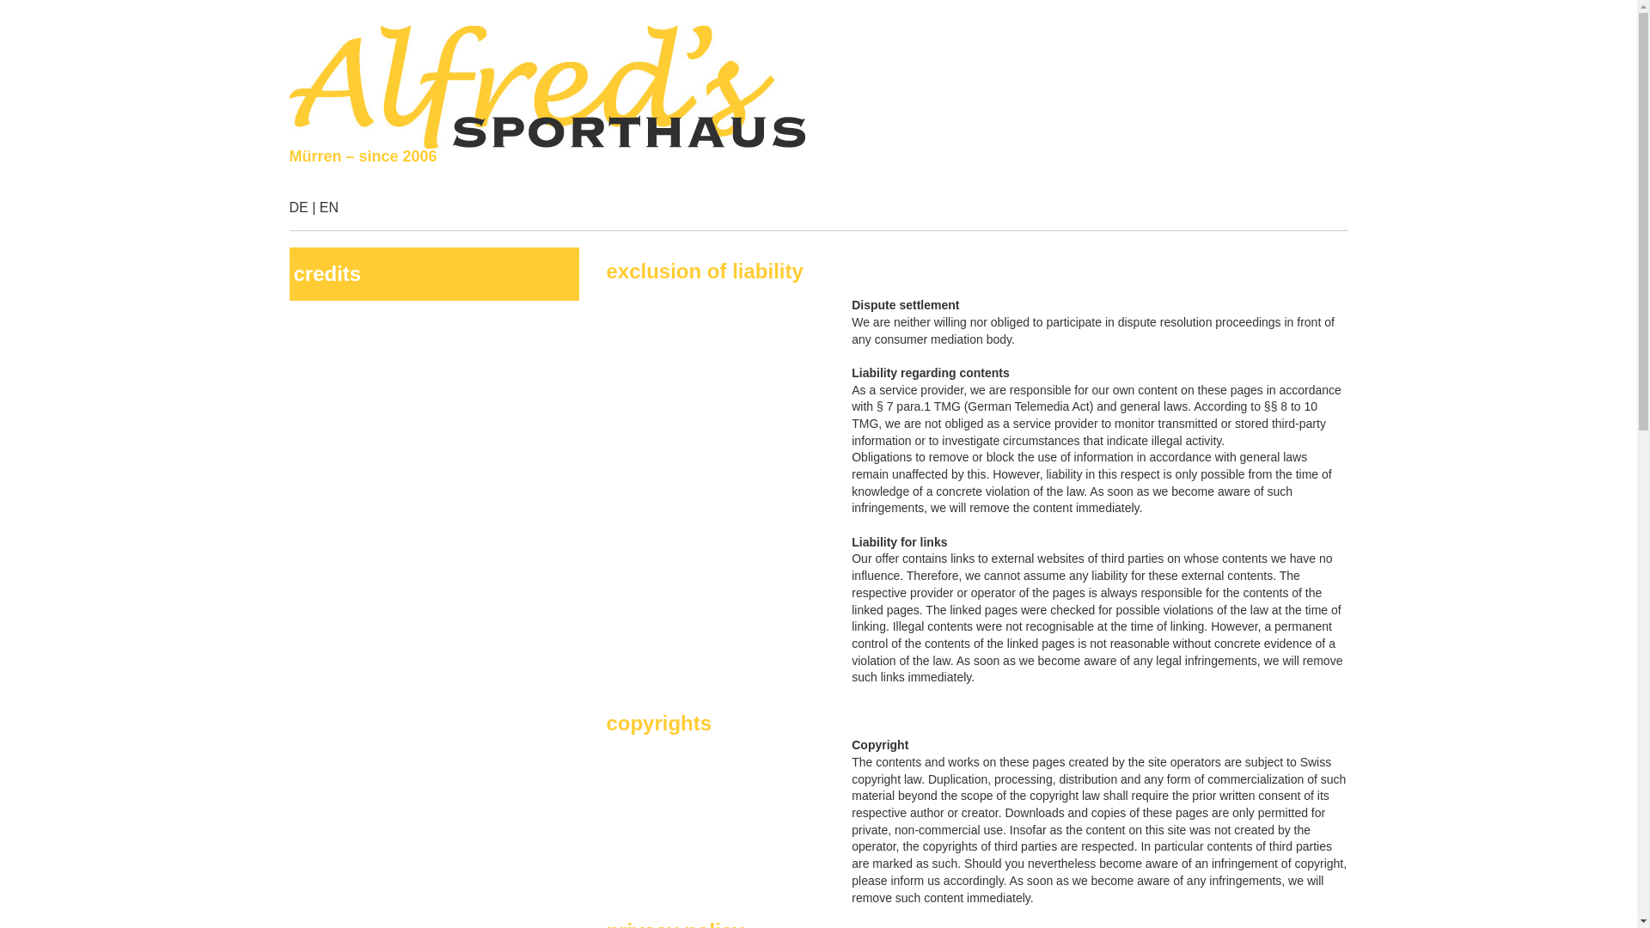  Describe the element at coordinates (297, 206) in the screenshot. I see `'DE'` at that location.